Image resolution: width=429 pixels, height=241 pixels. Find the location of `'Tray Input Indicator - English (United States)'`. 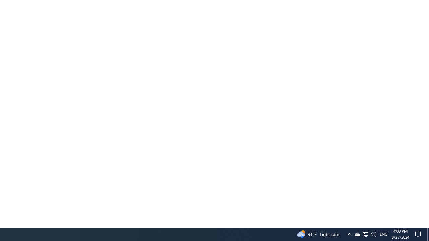

'Tray Input Indicator - English (United States)' is located at coordinates (383, 234).